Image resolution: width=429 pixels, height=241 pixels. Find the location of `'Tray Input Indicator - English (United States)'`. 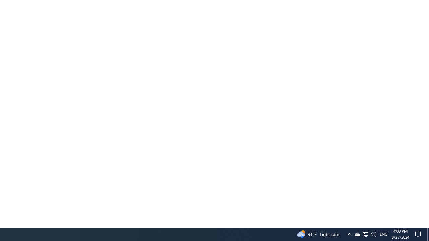

'Tray Input Indicator - English (United States)' is located at coordinates (383, 234).